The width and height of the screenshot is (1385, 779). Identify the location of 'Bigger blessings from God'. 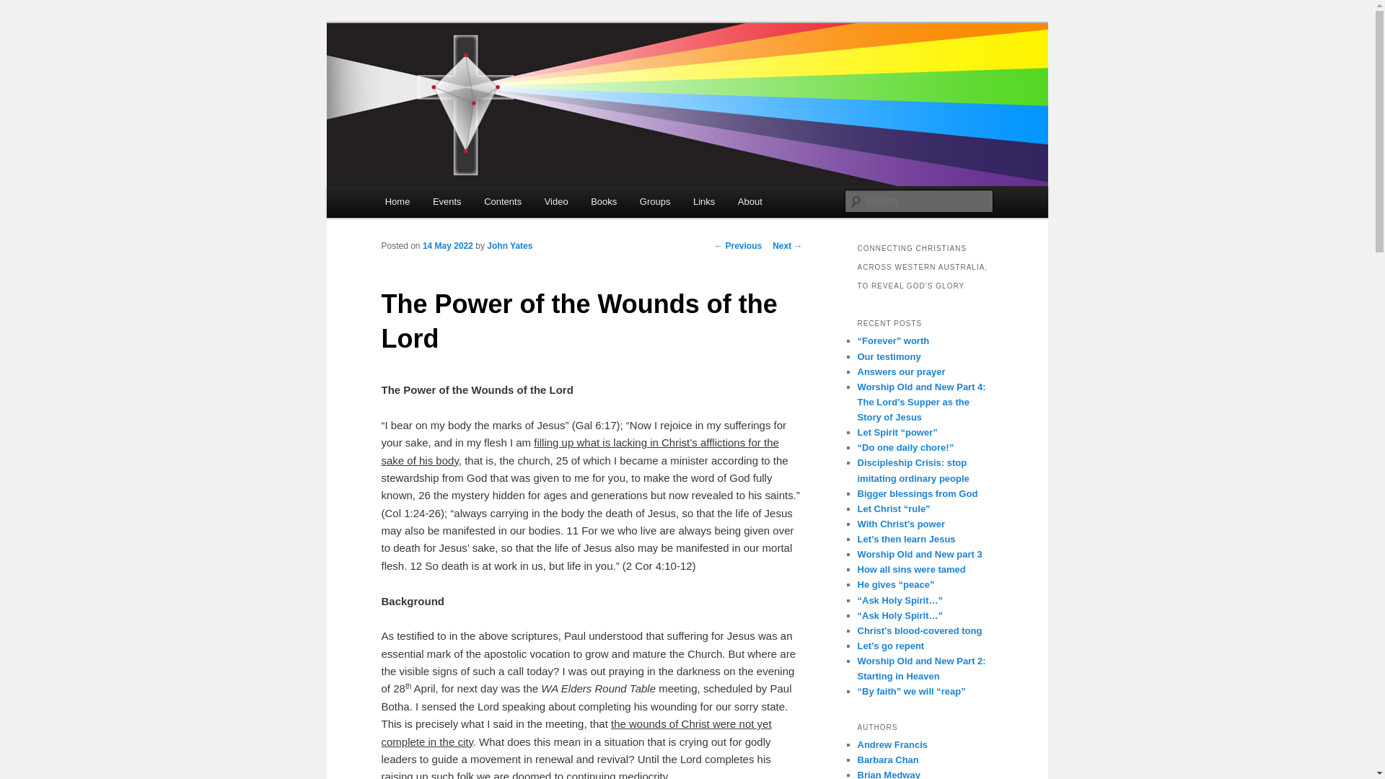
(916, 493).